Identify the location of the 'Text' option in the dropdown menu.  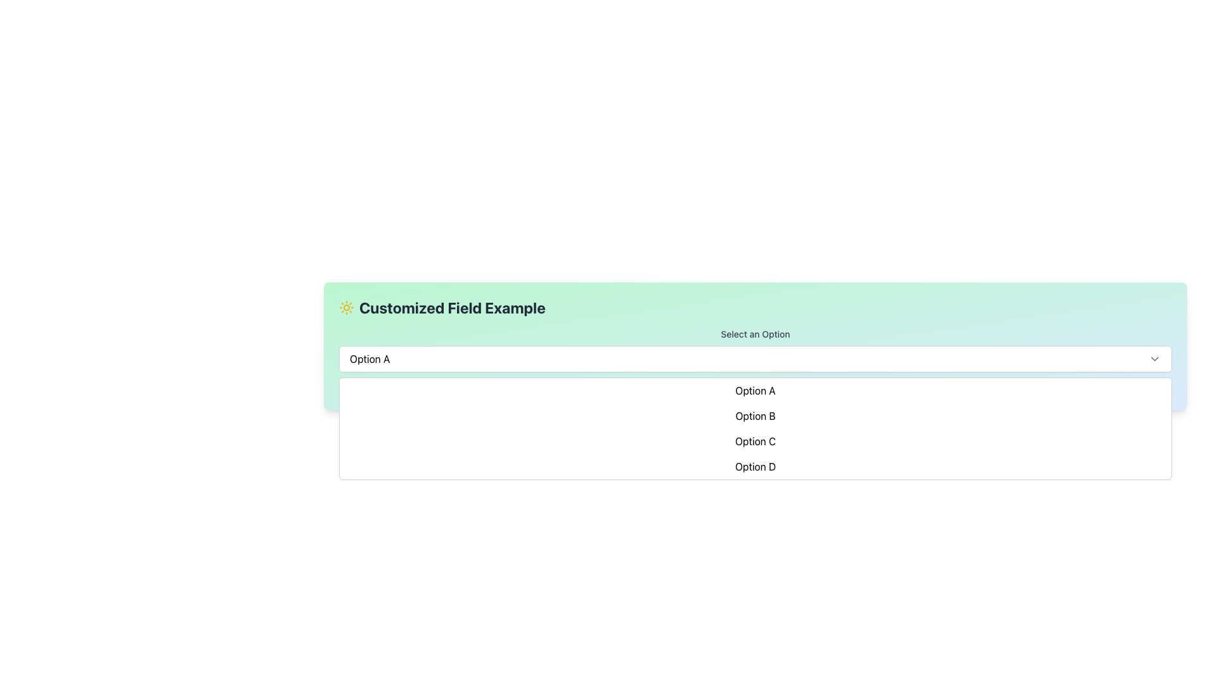
(755, 390).